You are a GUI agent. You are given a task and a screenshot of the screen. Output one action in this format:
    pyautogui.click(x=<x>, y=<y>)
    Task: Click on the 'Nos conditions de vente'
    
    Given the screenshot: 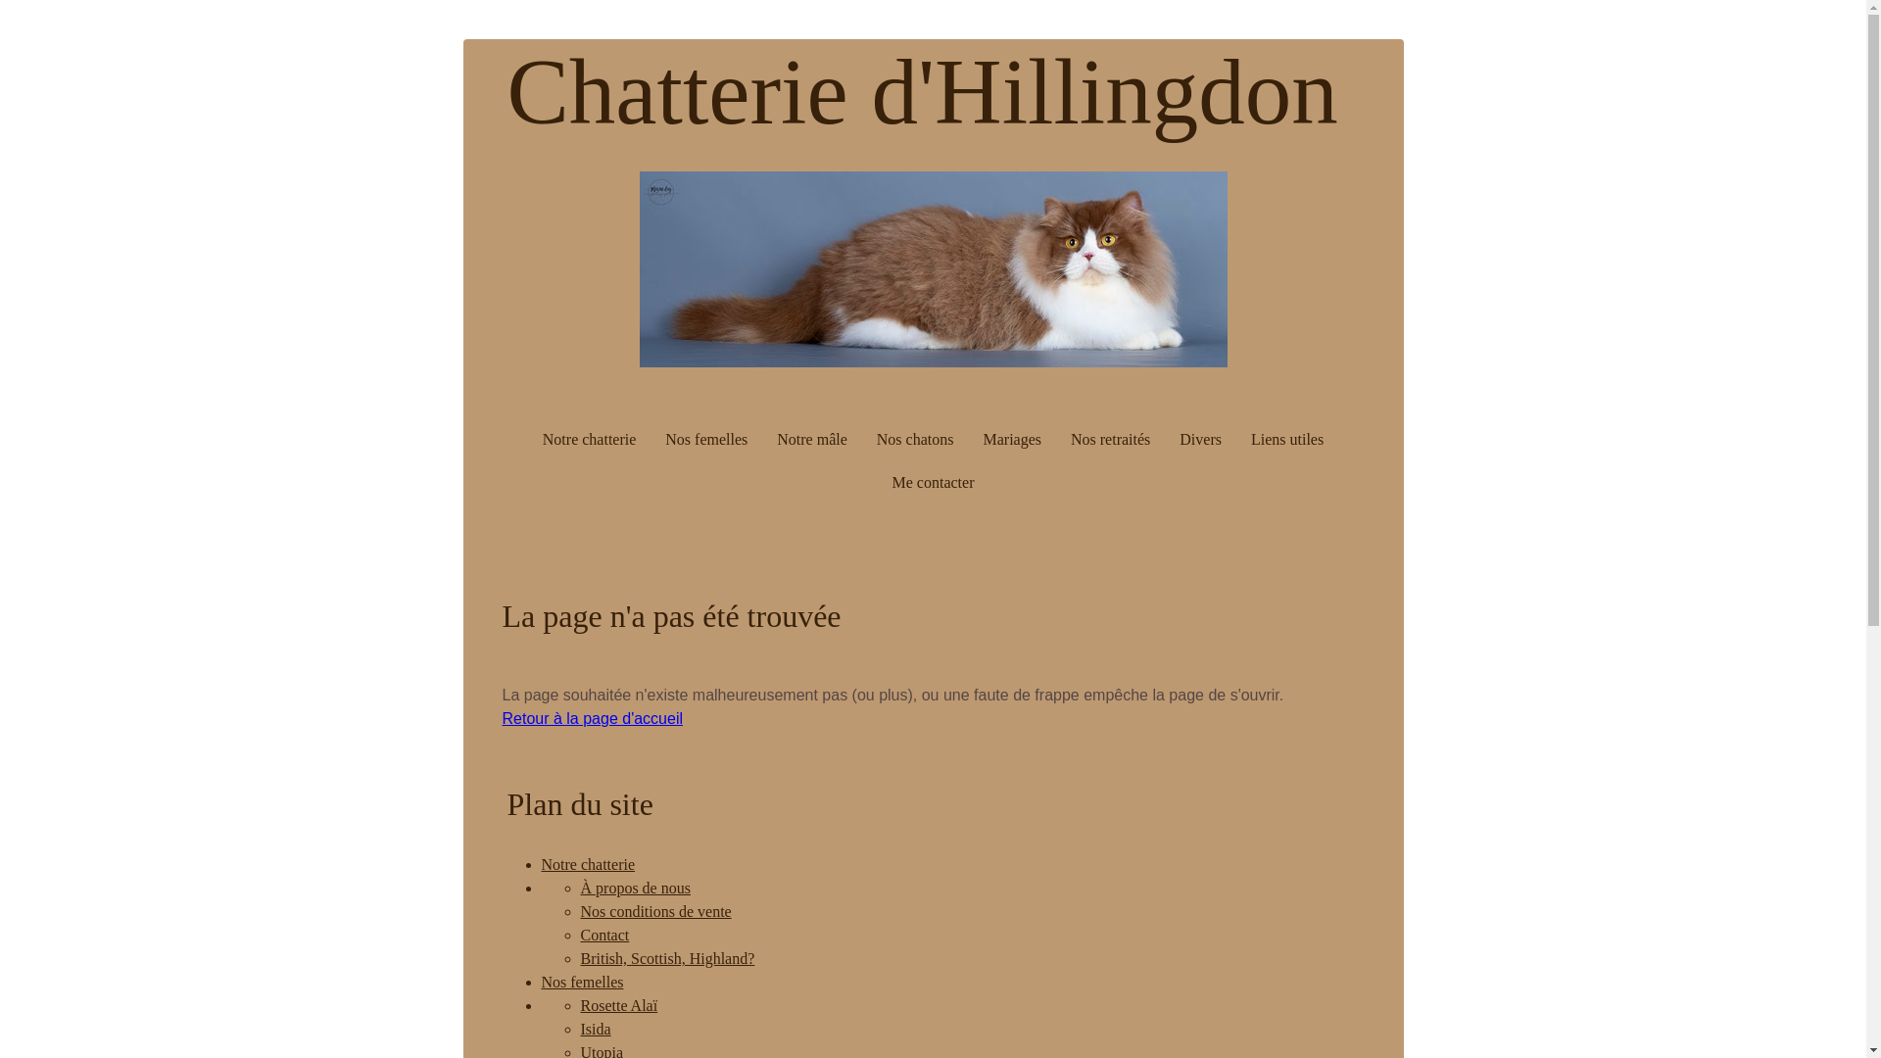 What is the action you would take?
    pyautogui.click(x=578, y=911)
    